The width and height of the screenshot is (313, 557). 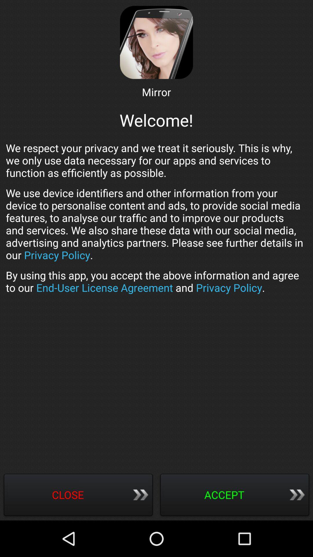 I want to click on icon below by using this, so click(x=78, y=495).